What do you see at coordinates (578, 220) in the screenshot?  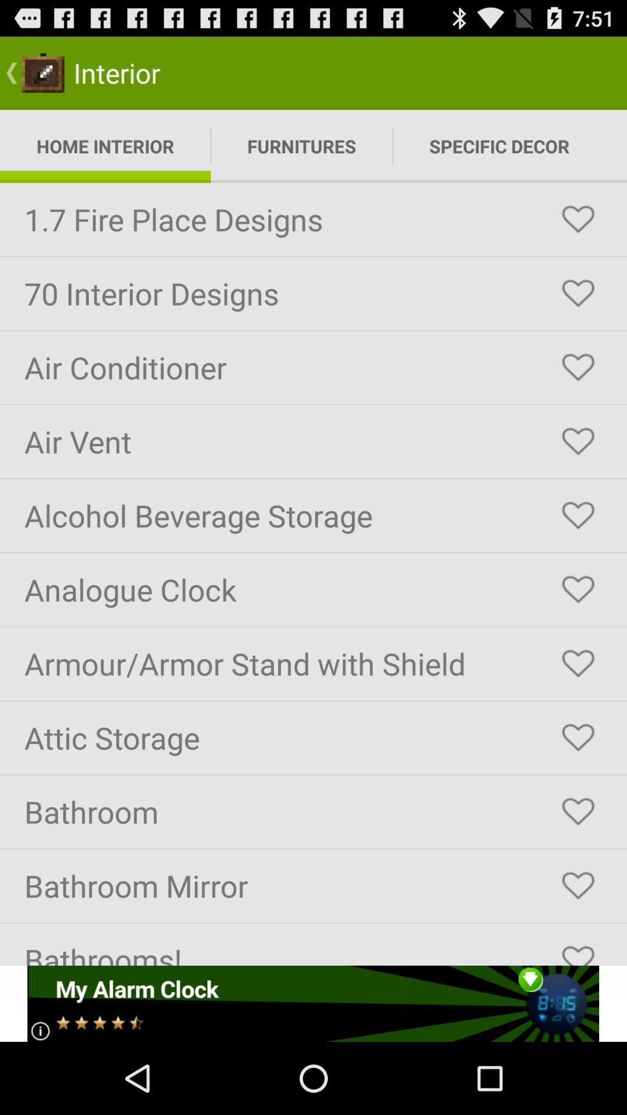 I see `fautiore` at bounding box center [578, 220].